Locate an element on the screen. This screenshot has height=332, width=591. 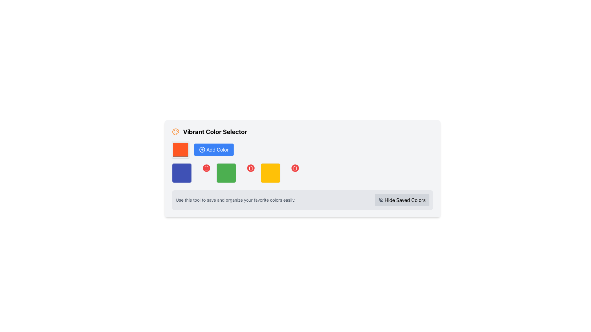
the fourth color preview swatch, which represents a selectable yellow color is located at coordinates (270, 173).